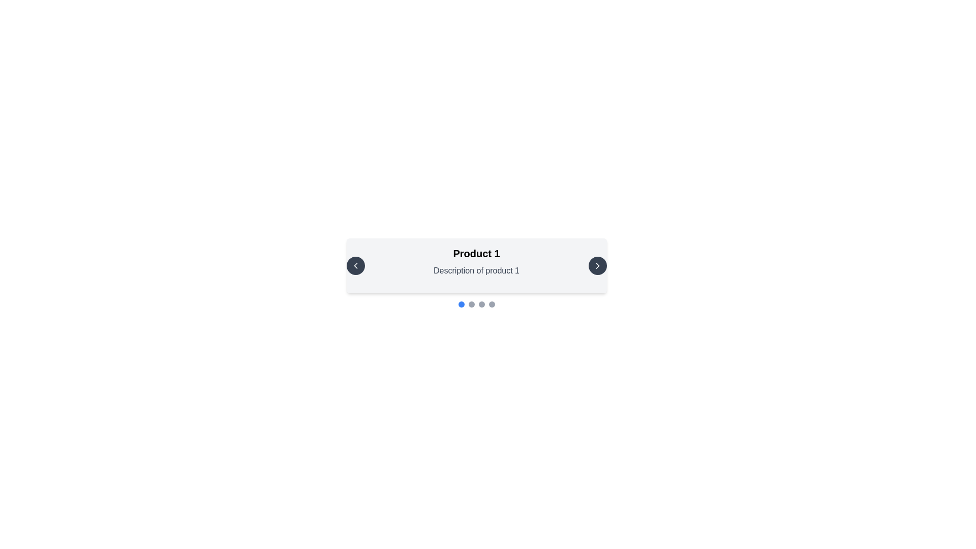  I want to click on the right-pointing chevron icon located within the dark gray circular button, so click(597, 265).